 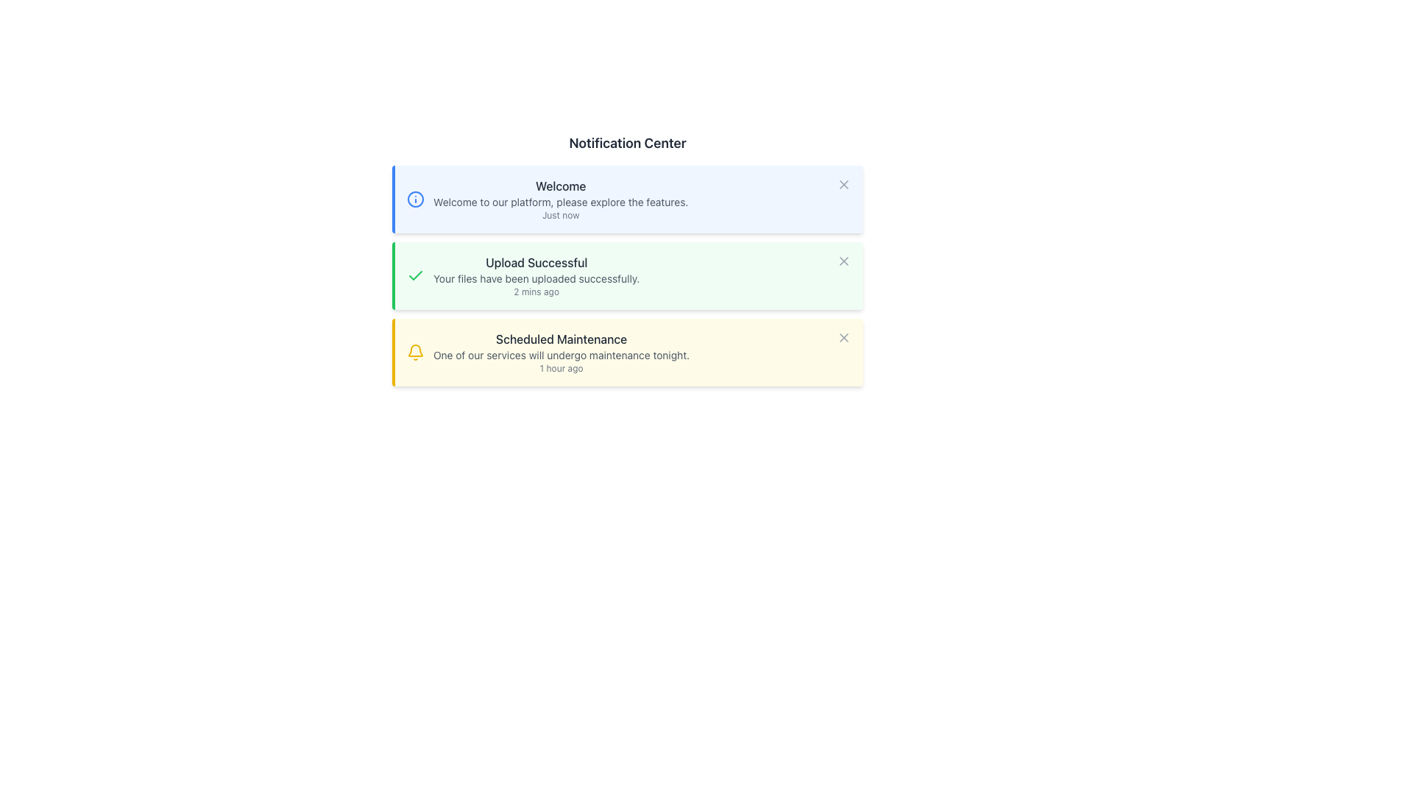 I want to click on the small gray 'X' icon button located on the far right of the blue notification box with the header 'Welcome' to change its appearance, so click(x=844, y=183).